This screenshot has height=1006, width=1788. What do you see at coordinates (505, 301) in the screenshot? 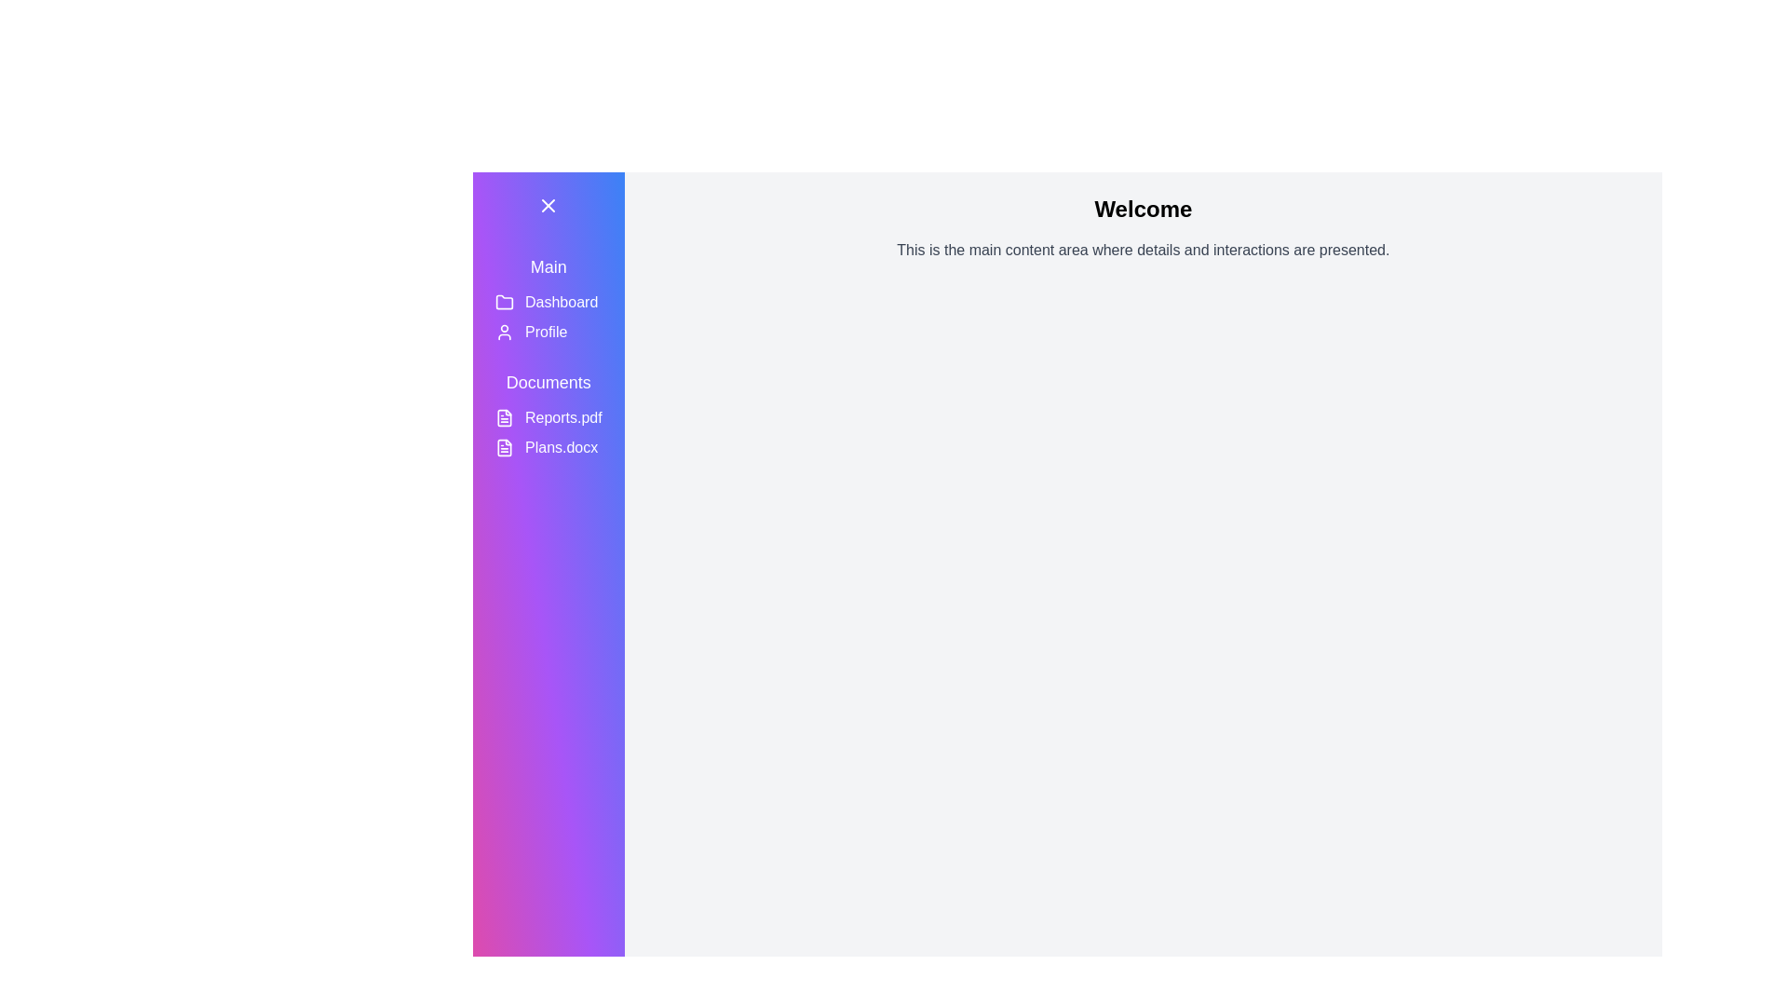
I see `the folder icon with a yellow outline located in the sidebar menu next to the 'Dashboard' text` at bounding box center [505, 301].